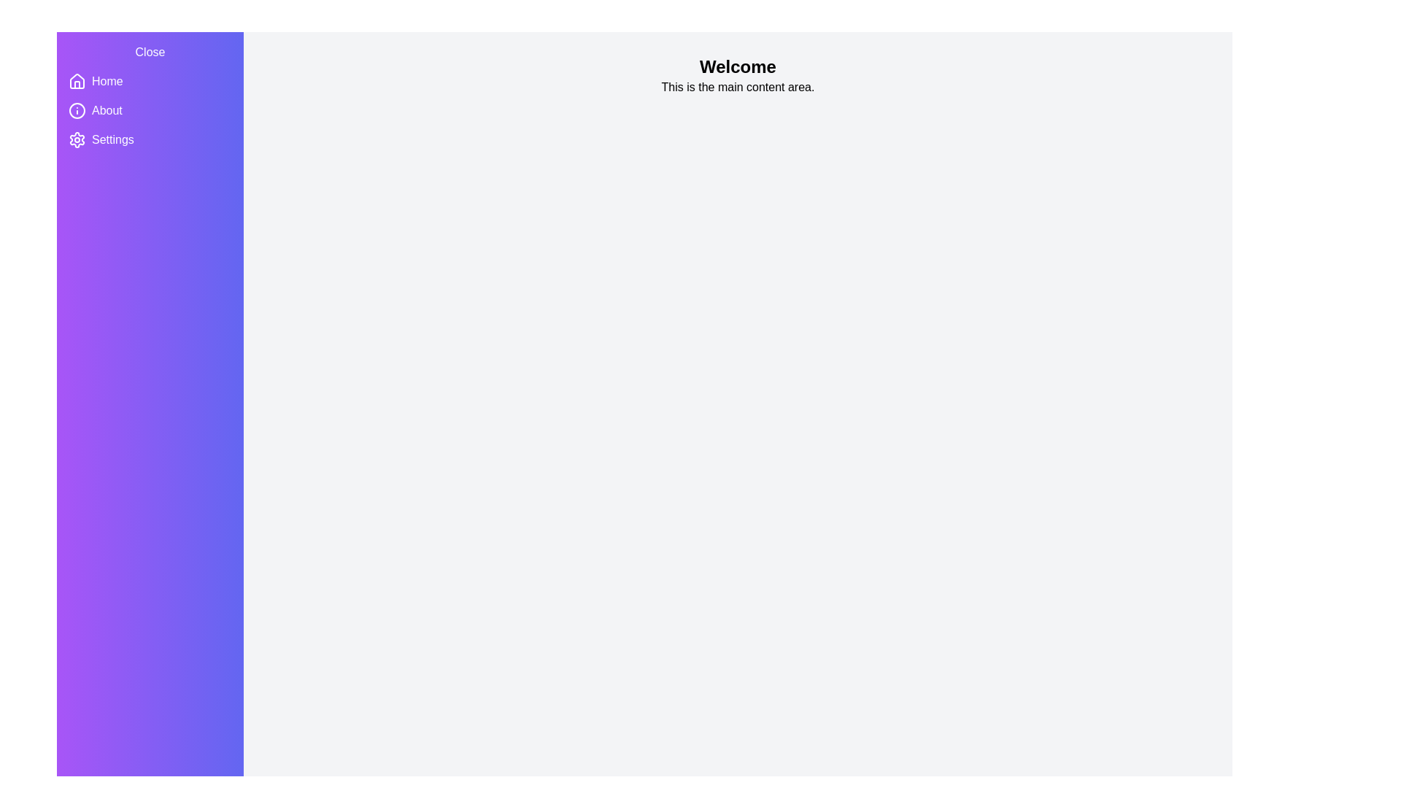  Describe the element at coordinates (107, 140) in the screenshot. I see `the Settings item in the drawer to navigate to the respective section` at that location.